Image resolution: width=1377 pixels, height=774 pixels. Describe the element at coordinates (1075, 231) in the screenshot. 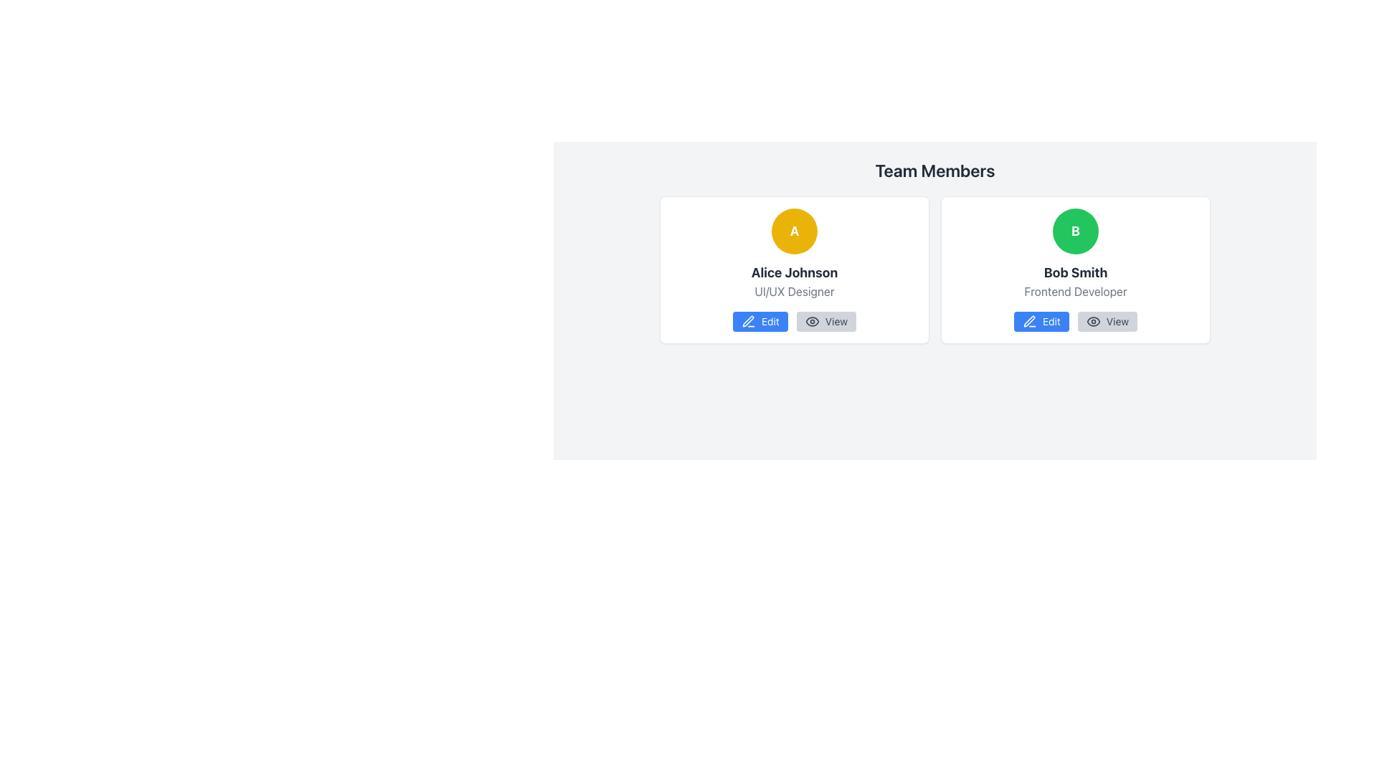

I see `the Badge representing the user 'Bob Smith', which is positioned at the top-center of the card section containing the user's name and title` at that location.